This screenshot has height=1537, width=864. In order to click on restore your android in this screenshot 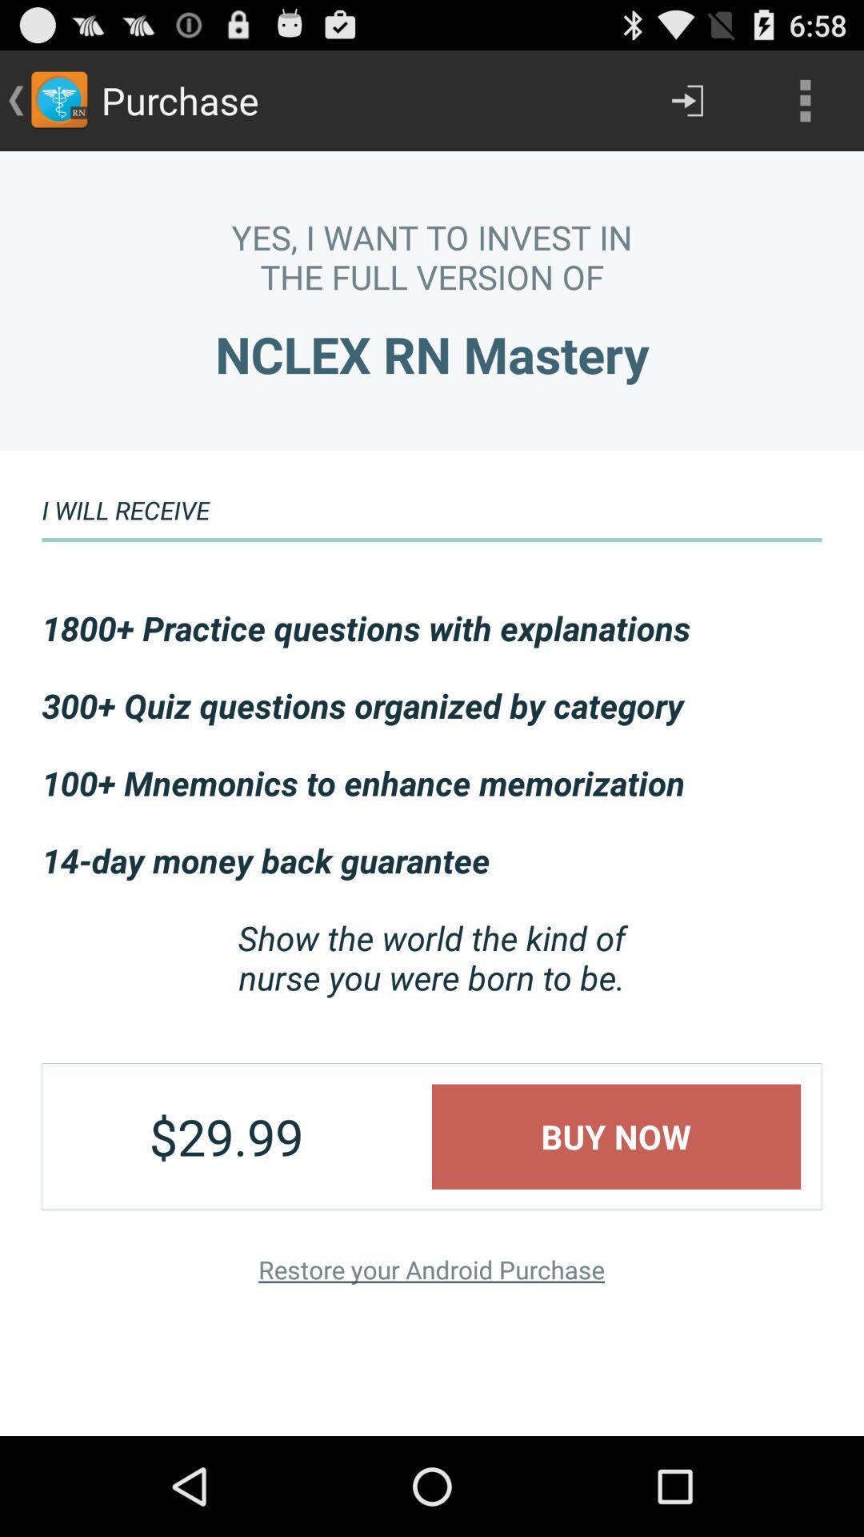, I will do `click(430, 1268)`.